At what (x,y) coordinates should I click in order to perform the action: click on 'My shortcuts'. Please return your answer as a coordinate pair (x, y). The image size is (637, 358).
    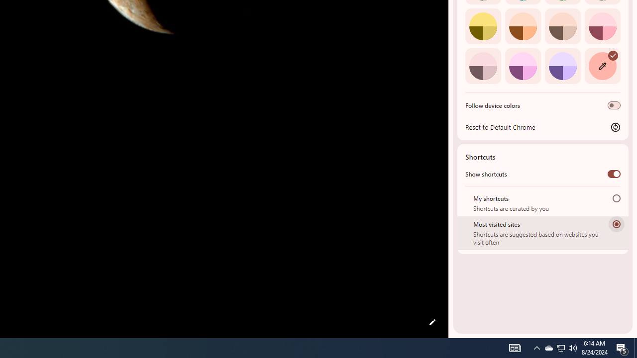
    Looking at the image, I should click on (616, 198).